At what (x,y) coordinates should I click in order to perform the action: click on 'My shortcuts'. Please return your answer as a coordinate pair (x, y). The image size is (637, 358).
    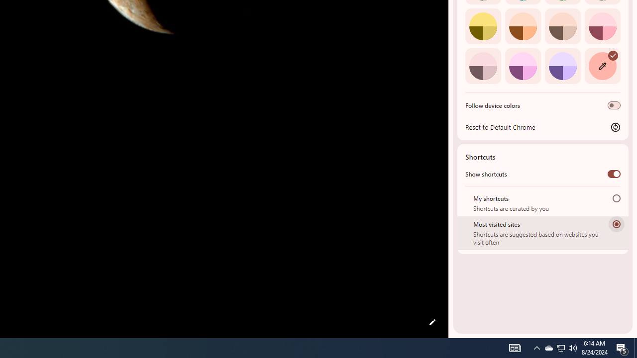
    Looking at the image, I should click on (616, 198).